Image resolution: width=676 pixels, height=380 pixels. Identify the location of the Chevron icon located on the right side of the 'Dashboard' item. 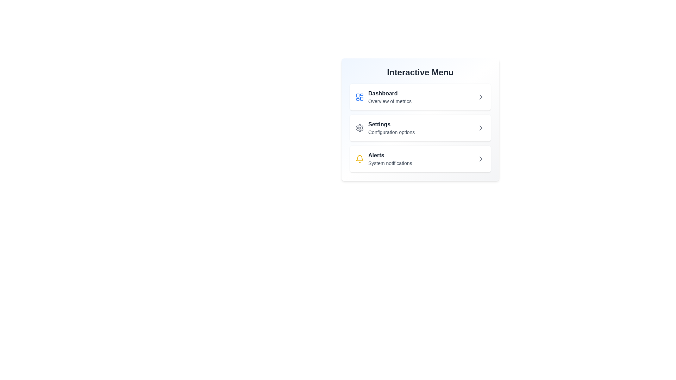
(481, 97).